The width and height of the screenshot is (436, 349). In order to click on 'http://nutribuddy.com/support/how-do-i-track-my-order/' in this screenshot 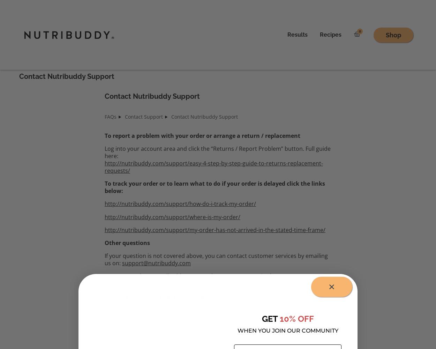, I will do `click(105, 203)`.